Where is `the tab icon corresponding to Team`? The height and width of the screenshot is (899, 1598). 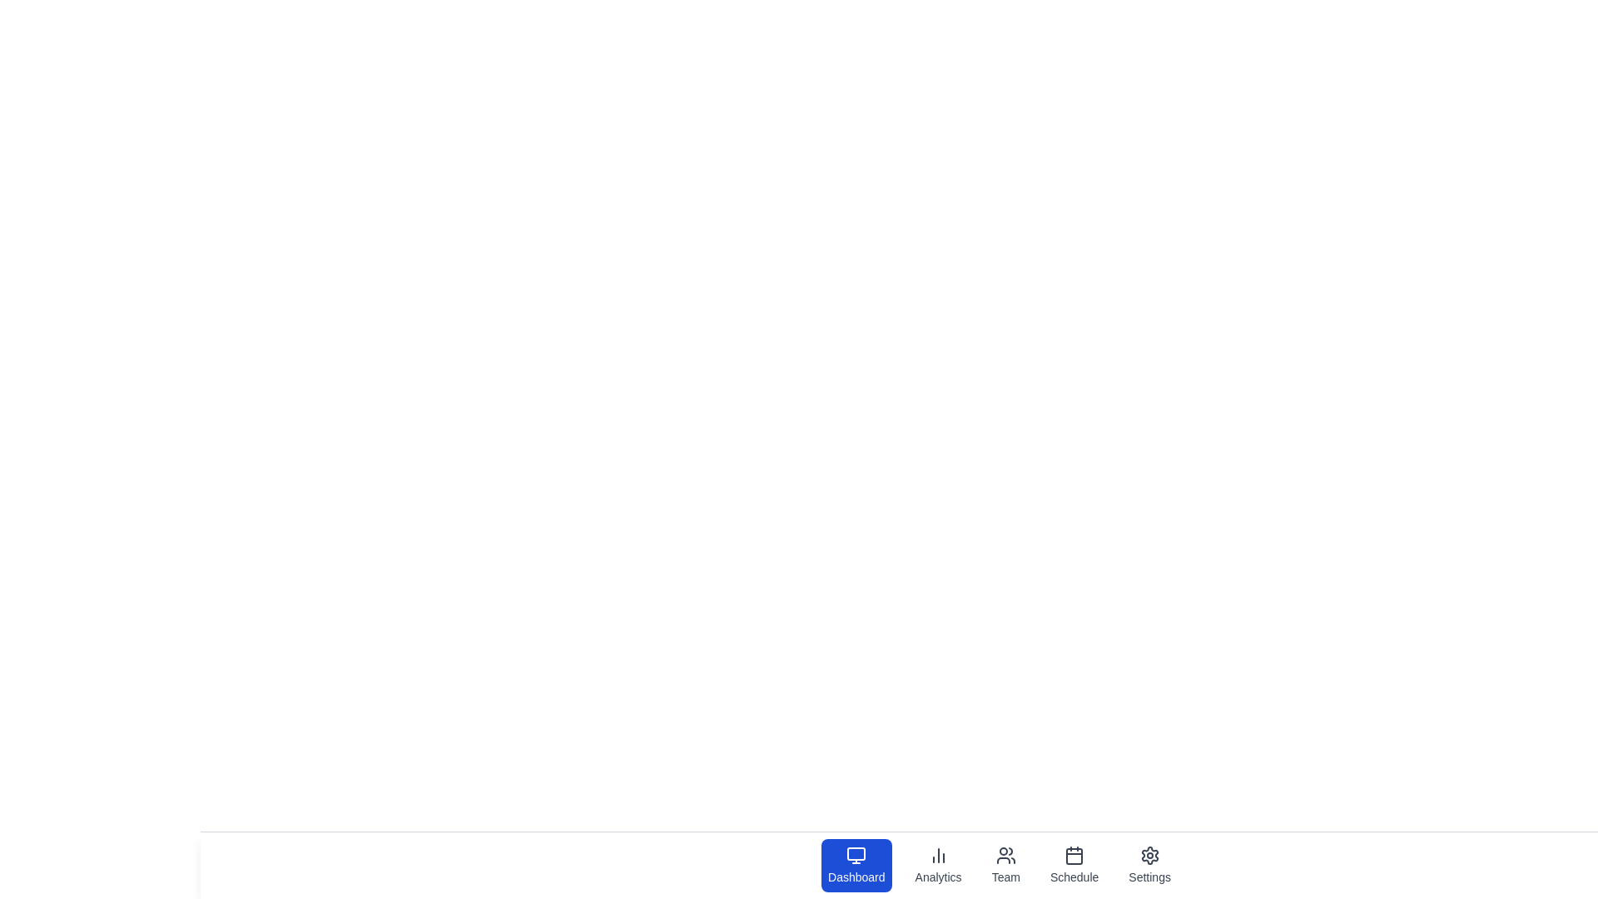 the tab icon corresponding to Team is located at coordinates (1005, 865).